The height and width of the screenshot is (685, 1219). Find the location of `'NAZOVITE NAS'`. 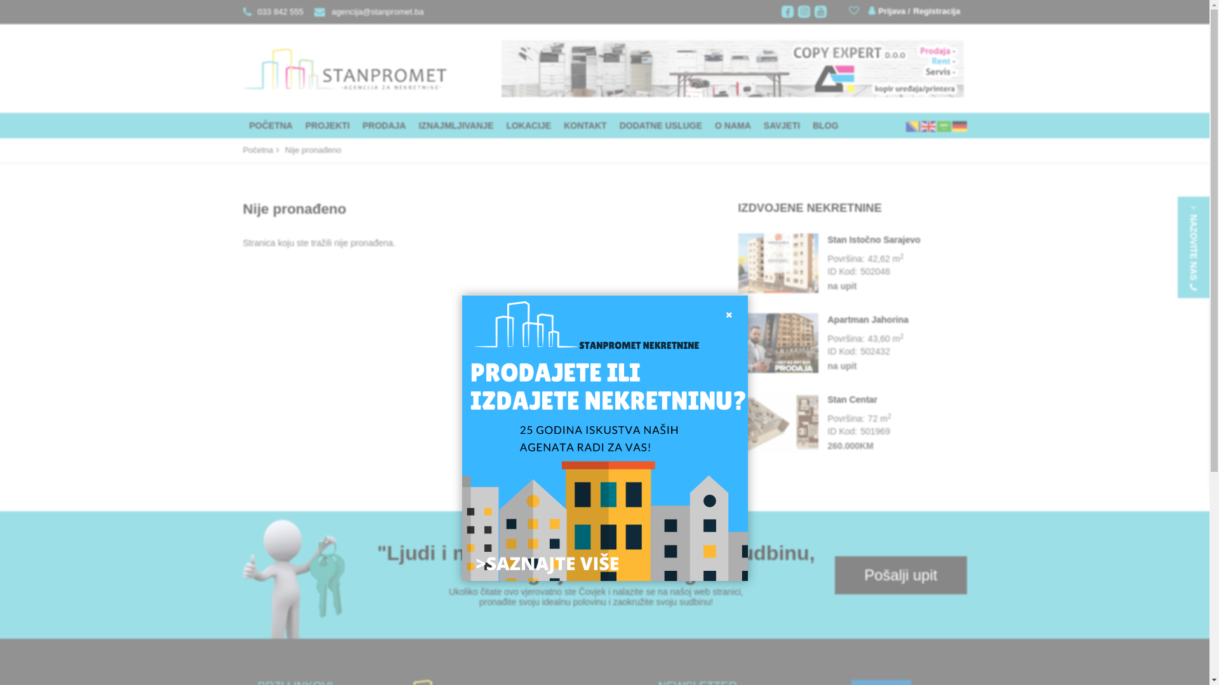

'NAZOVITE NAS' is located at coordinates (1193, 247).